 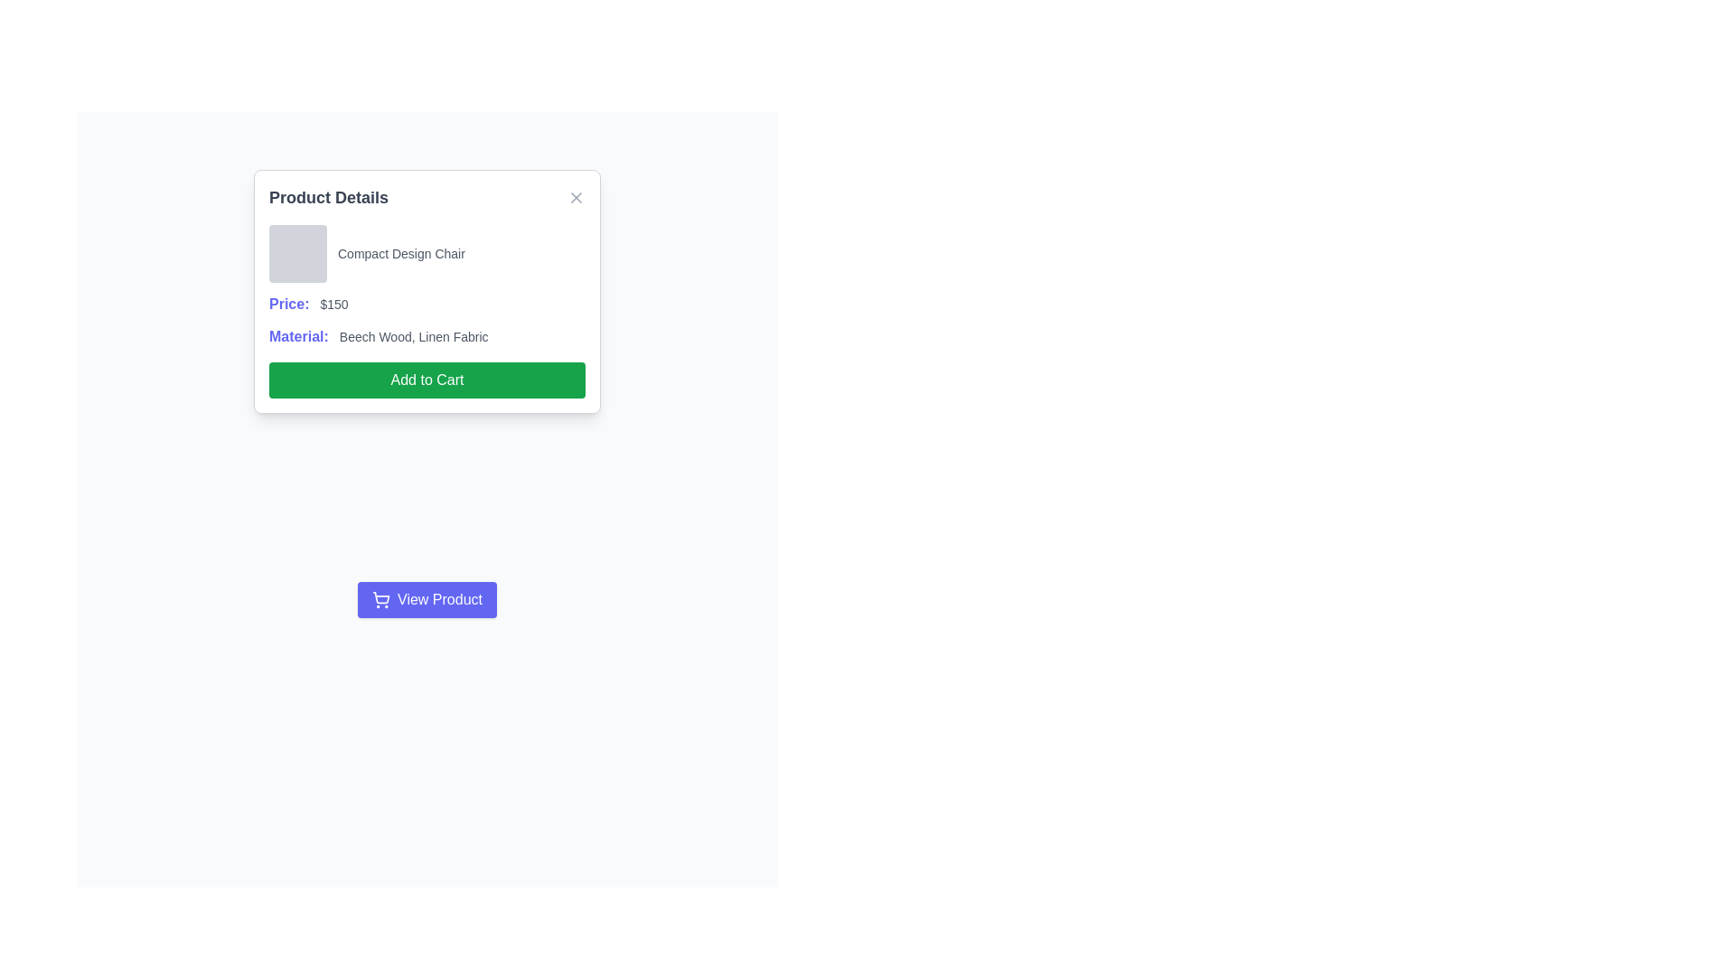 What do you see at coordinates (298, 337) in the screenshot?
I see `the text label that provides context for the material details, positioned below the 'Price' detail and preceding 'Beech Wood, Linen Fabric'` at bounding box center [298, 337].